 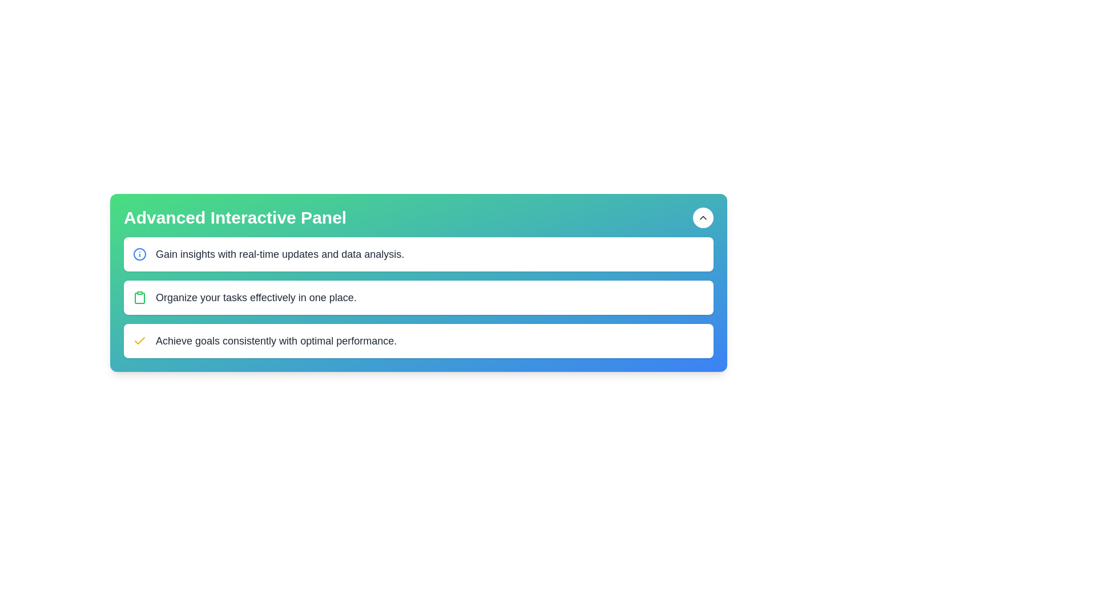 What do you see at coordinates (235, 217) in the screenshot?
I see `the bold and large heading text 'Advanced Interactive Panel'` at bounding box center [235, 217].